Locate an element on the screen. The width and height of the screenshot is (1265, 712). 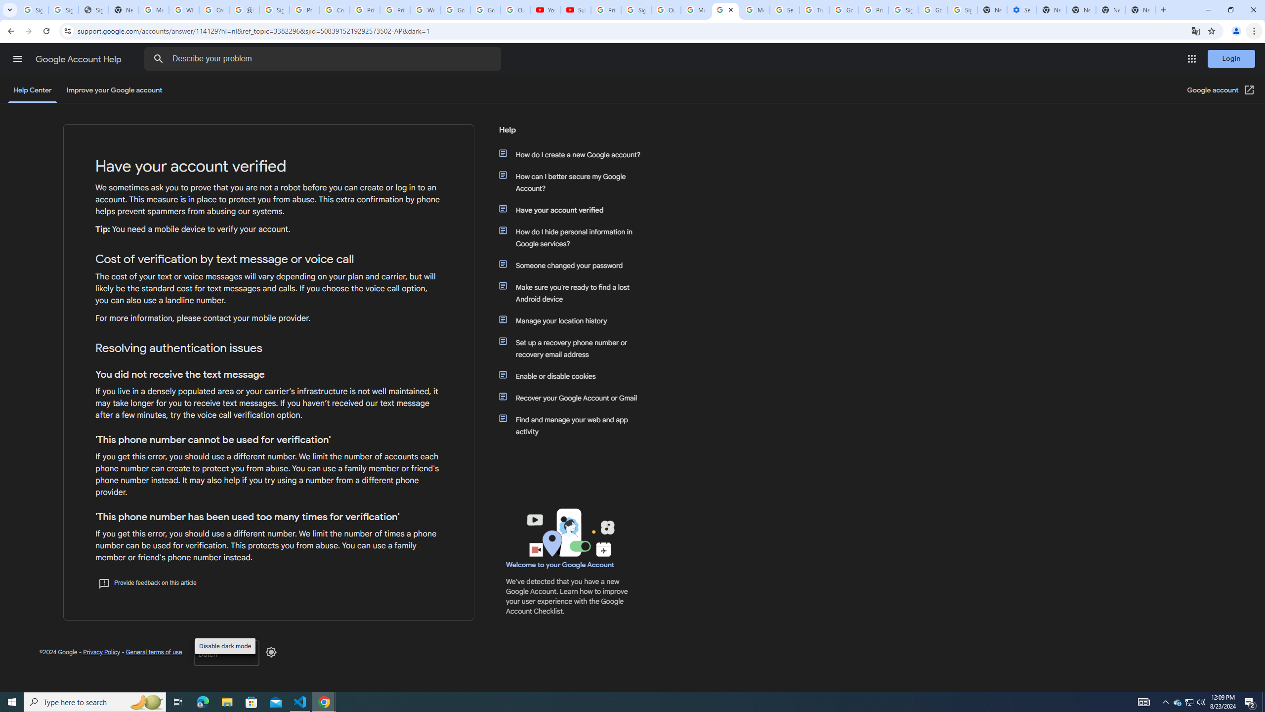
'Make sure you' is located at coordinates (574, 292).